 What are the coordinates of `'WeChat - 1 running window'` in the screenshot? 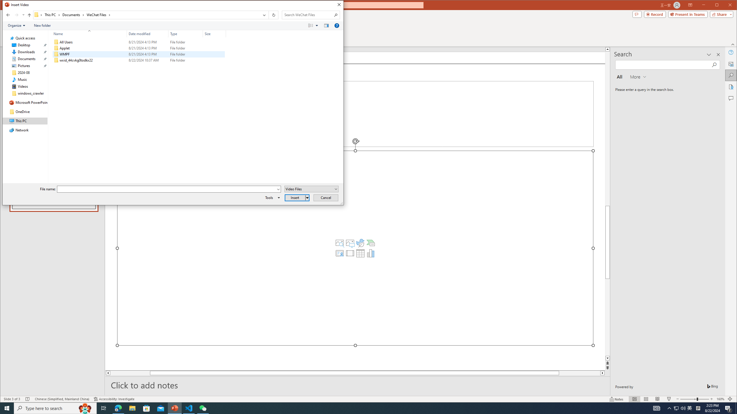 It's located at (203, 408).